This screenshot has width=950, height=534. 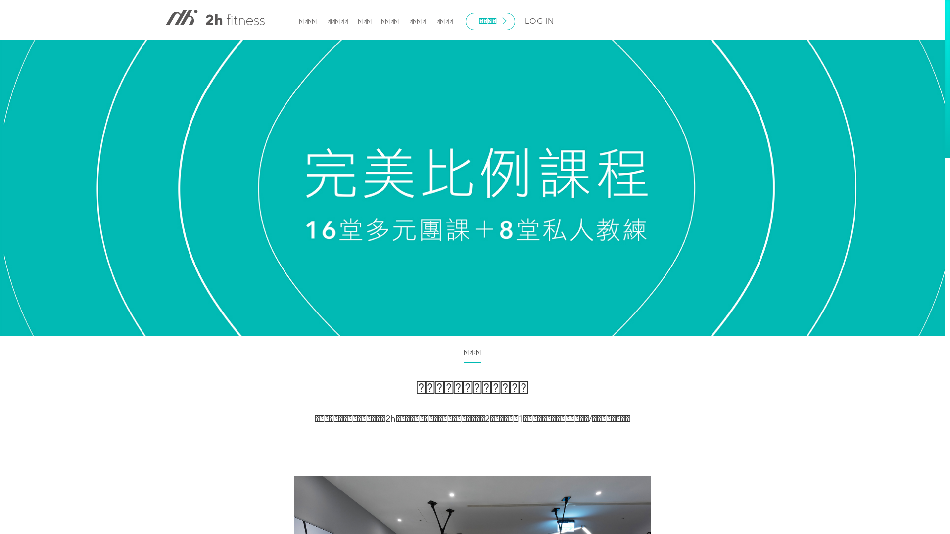 I want to click on 'LOG IN', so click(x=539, y=21).